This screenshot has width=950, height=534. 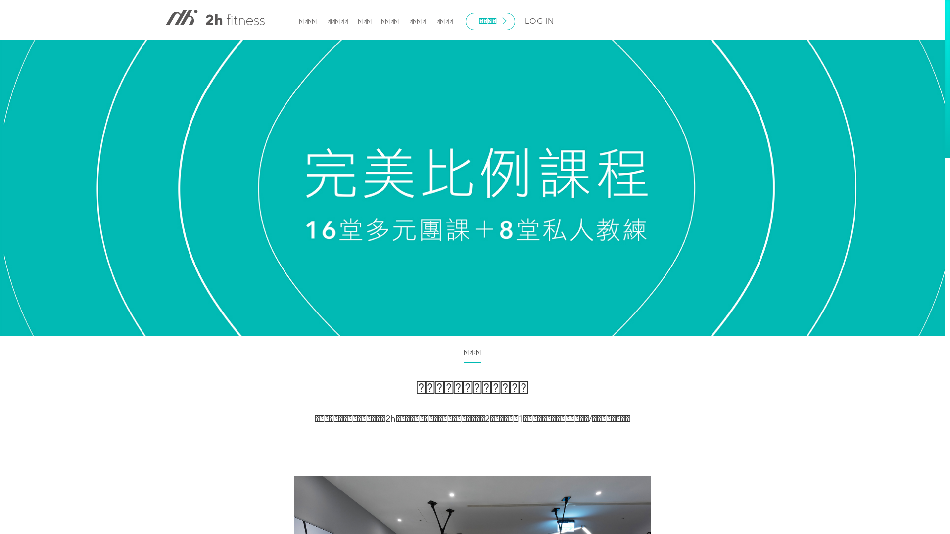 I want to click on 'LOG IN', so click(x=539, y=21).